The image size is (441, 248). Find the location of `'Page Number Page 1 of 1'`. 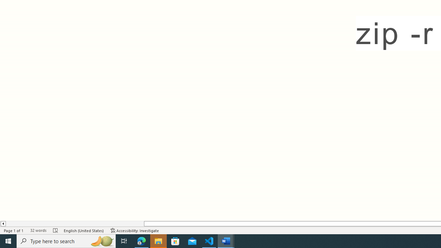

'Page Number Page 1 of 1' is located at coordinates (14, 230).